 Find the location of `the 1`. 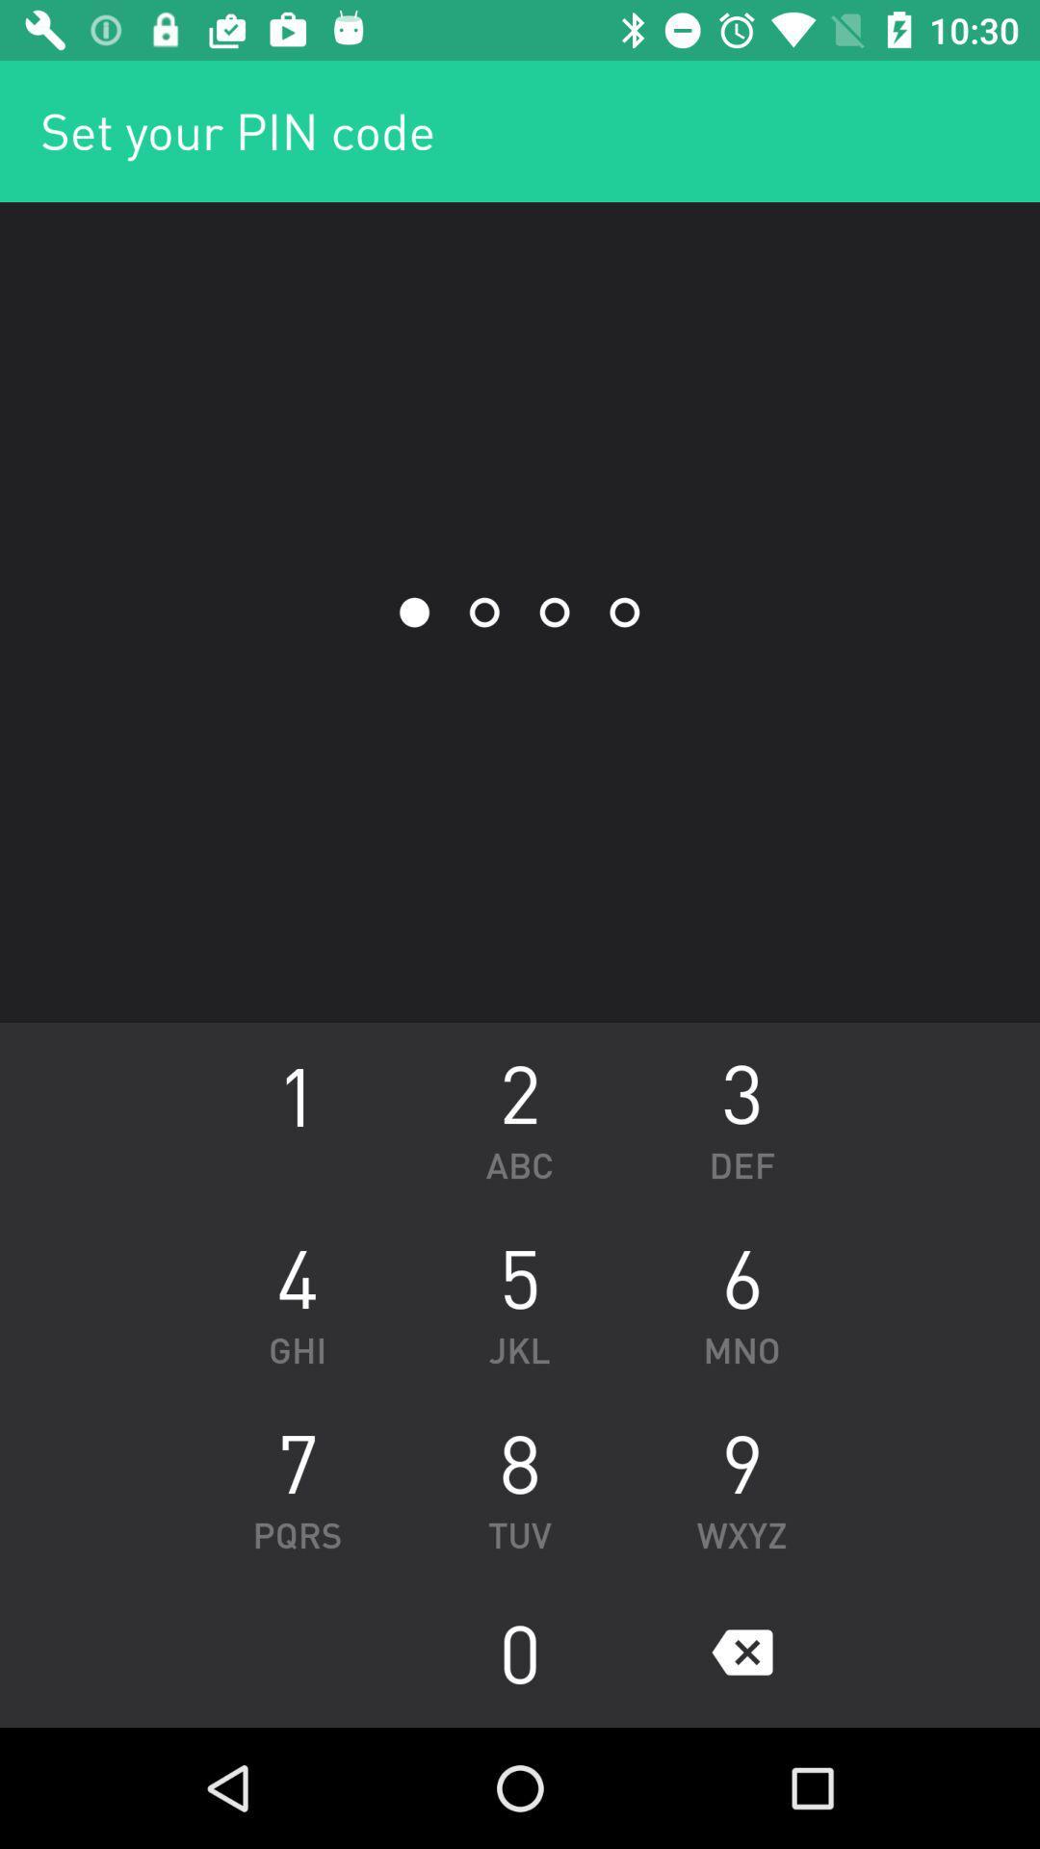

the 1 is located at coordinates (297, 1114).